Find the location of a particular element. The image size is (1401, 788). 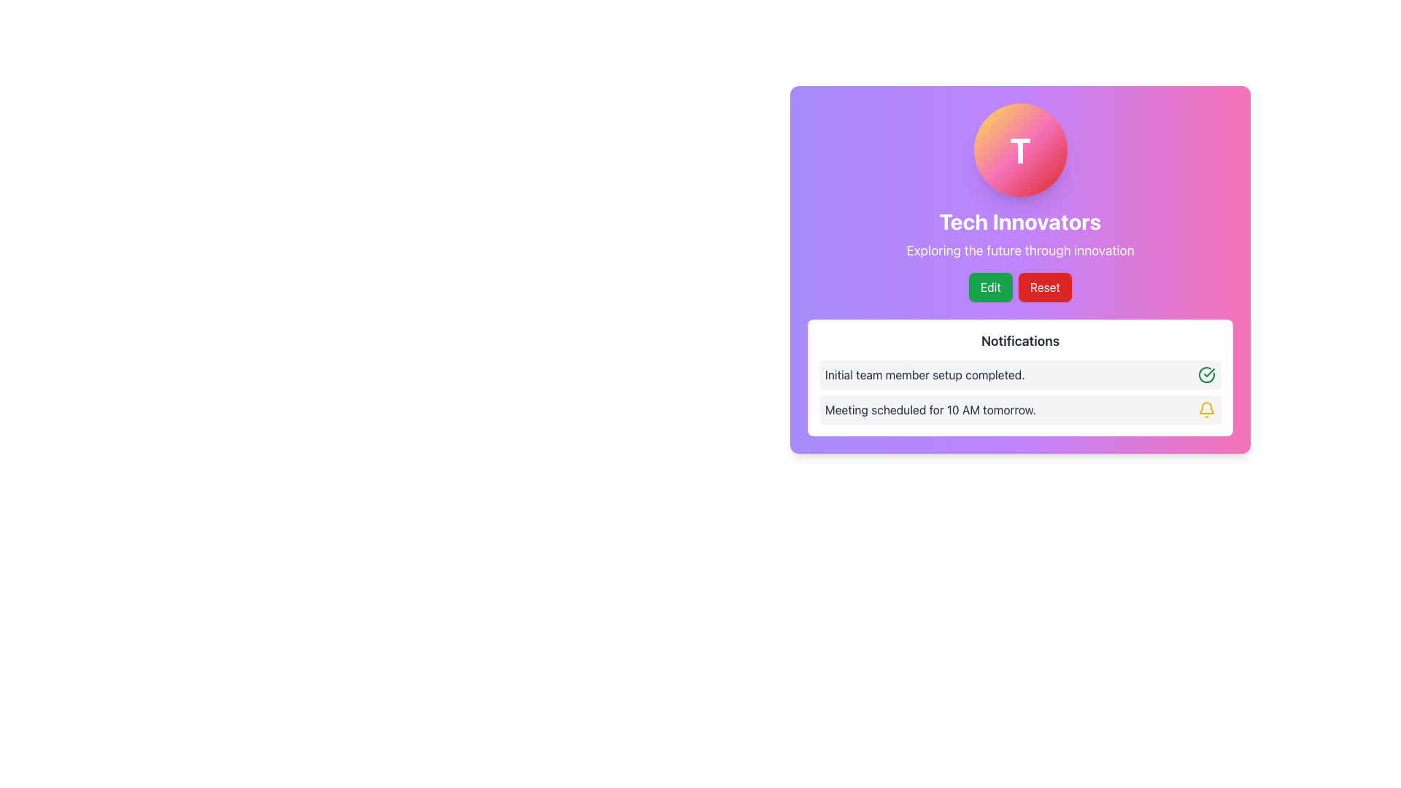

notification text stating 'Meeting scheduled for 10 AM tomorrow.' from the second notification in the Notifications section, located directly below the message 'Initial team member setup completed.' is located at coordinates (1019, 410).